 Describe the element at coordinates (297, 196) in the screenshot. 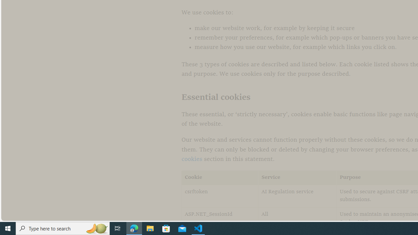

I see `'AI Regulation service'` at that location.